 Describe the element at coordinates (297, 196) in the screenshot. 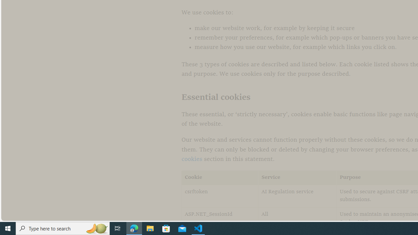

I see `'AI Regulation service'` at that location.